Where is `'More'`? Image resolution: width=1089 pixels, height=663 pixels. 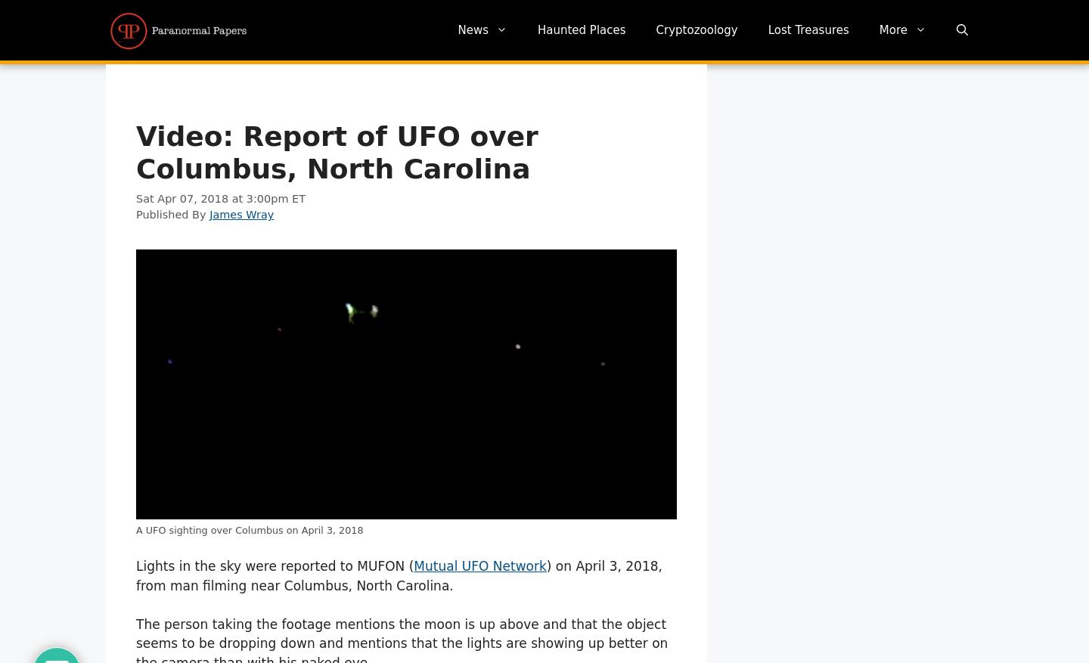
'More' is located at coordinates (892, 29).